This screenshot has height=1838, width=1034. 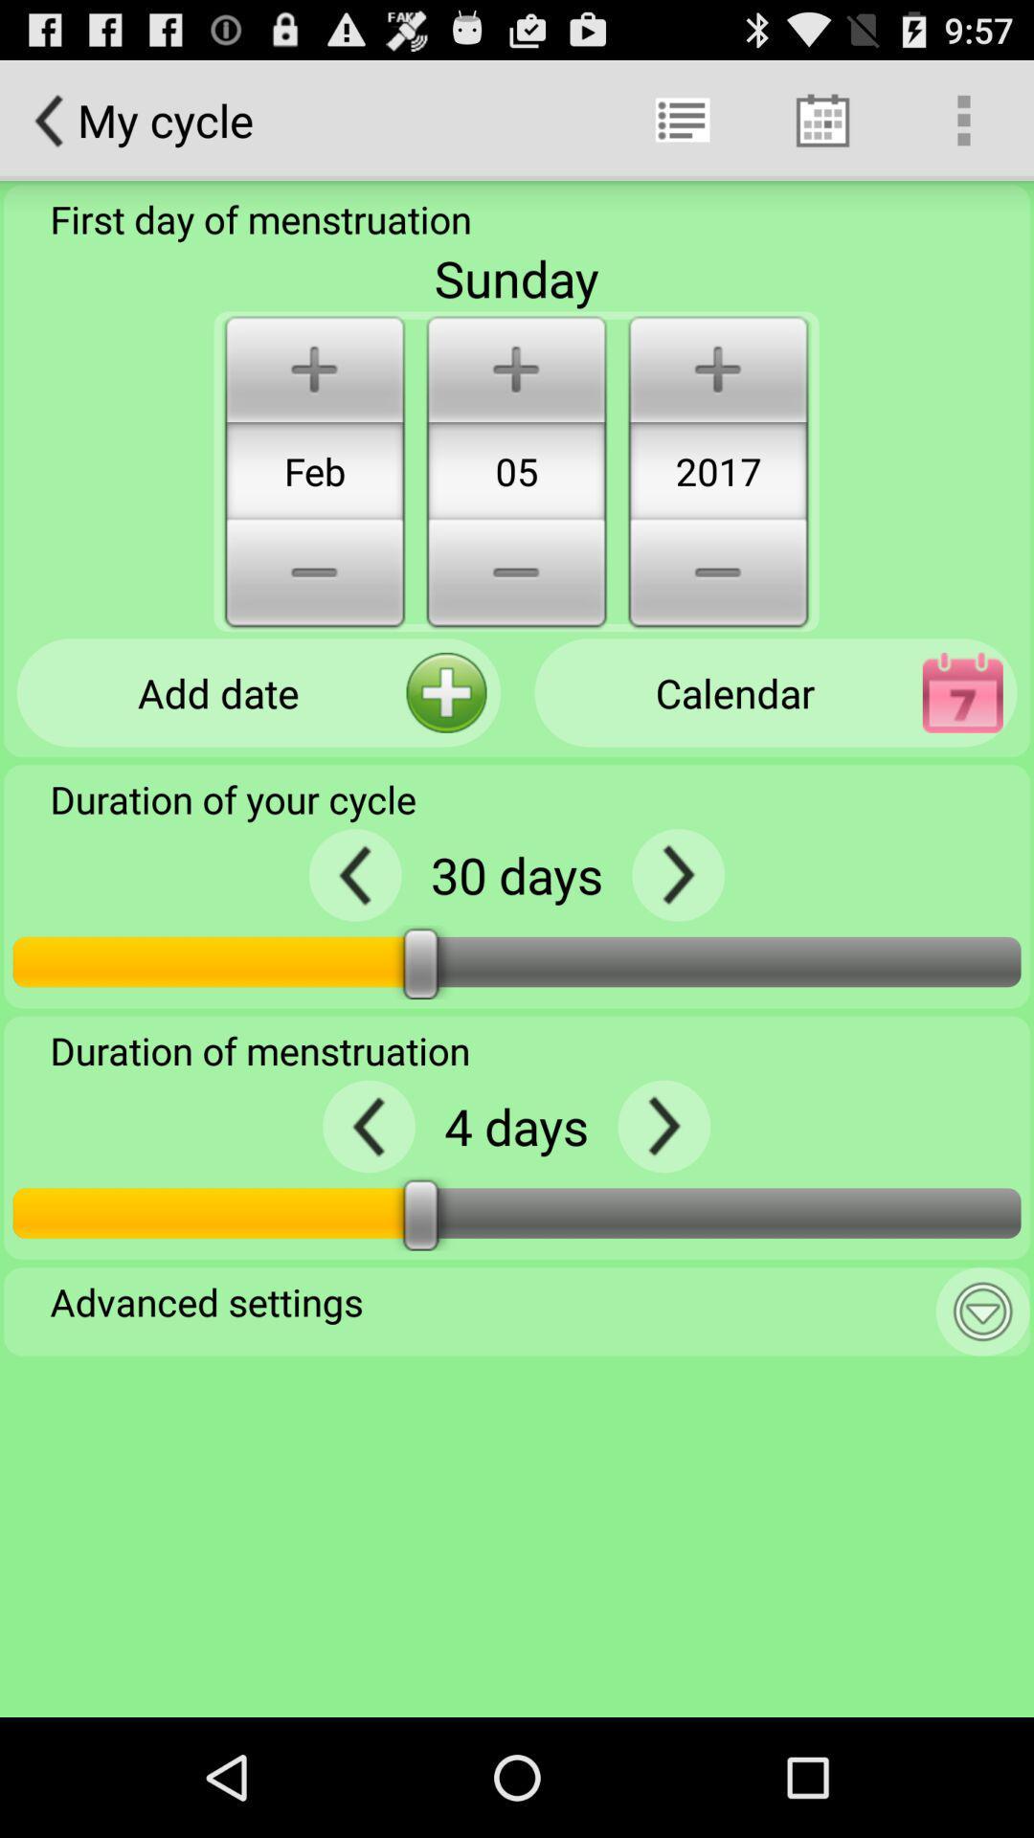 What do you see at coordinates (355, 936) in the screenshot?
I see `the arrow_backward icon` at bounding box center [355, 936].